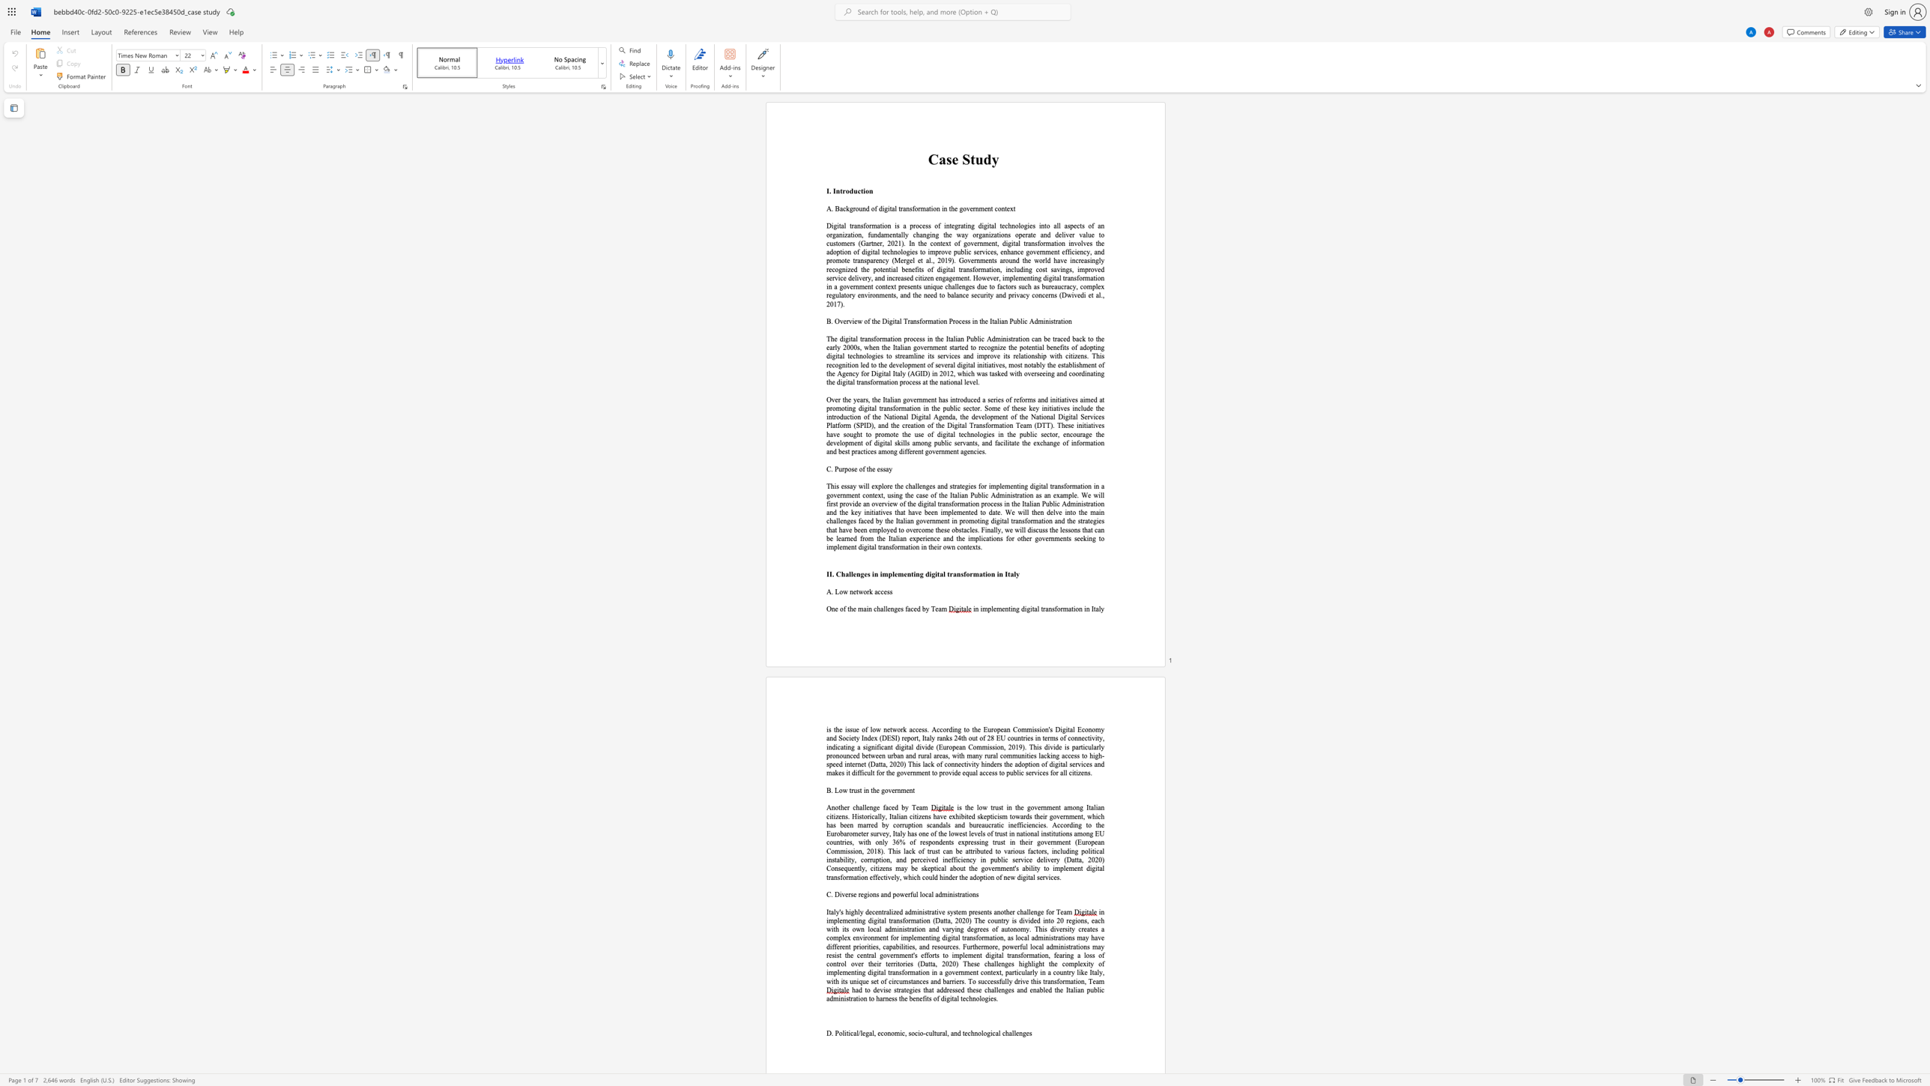 The height and width of the screenshot is (1086, 1930). What do you see at coordinates (956, 451) in the screenshot?
I see `the subset text "t agen" within the text "the exchange of information and best practices among different government agencies."` at bounding box center [956, 451].